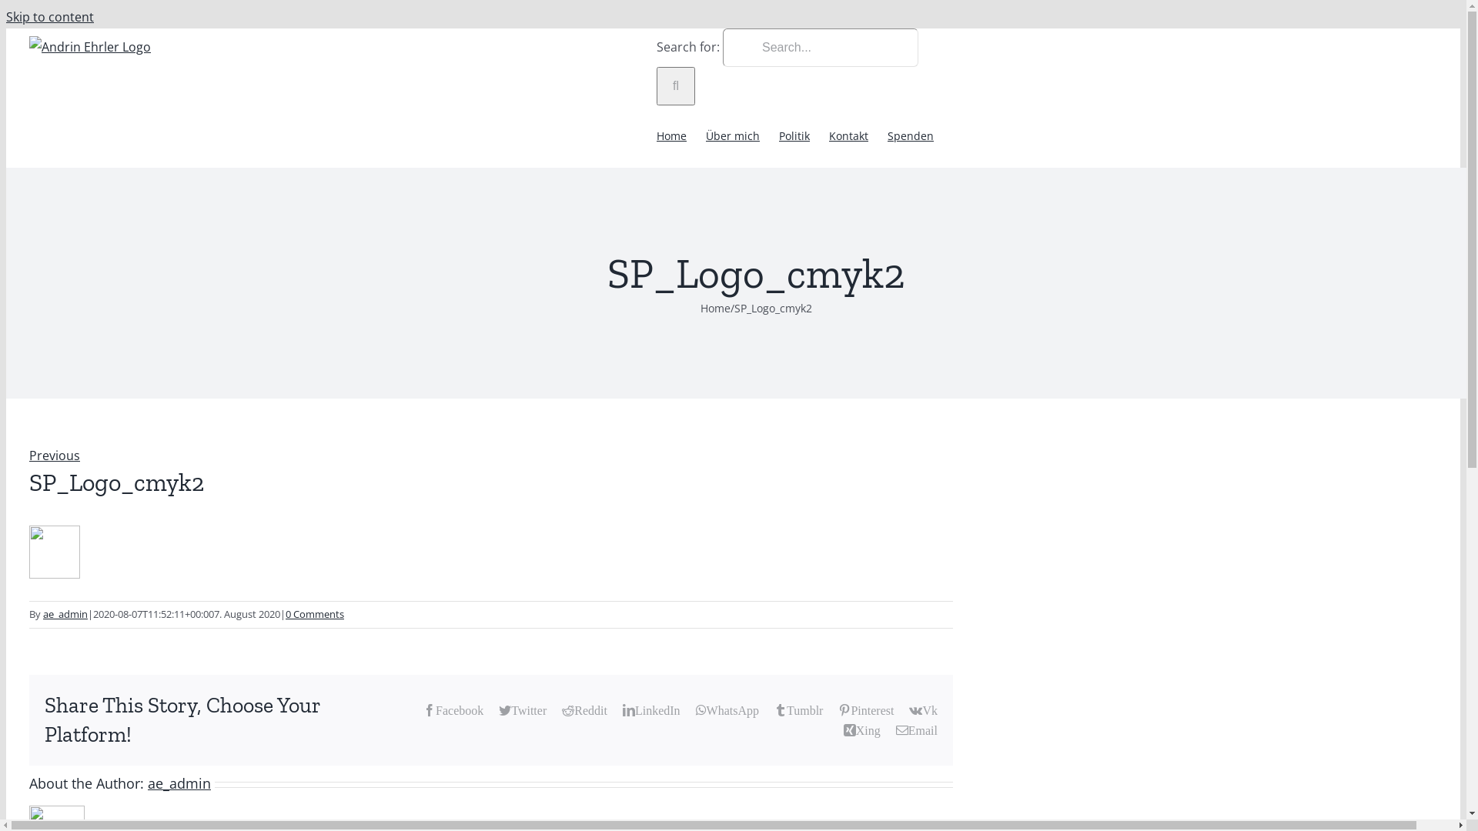 This screenshot has height=831, width=1478. Describe the element at coordinates (910, 135) in the screenshot. I see `'Spenden'` at that location.